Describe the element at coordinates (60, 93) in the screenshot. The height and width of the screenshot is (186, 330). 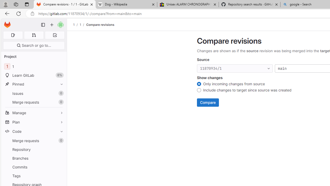
I see `'Unpin Issues'` at that location.